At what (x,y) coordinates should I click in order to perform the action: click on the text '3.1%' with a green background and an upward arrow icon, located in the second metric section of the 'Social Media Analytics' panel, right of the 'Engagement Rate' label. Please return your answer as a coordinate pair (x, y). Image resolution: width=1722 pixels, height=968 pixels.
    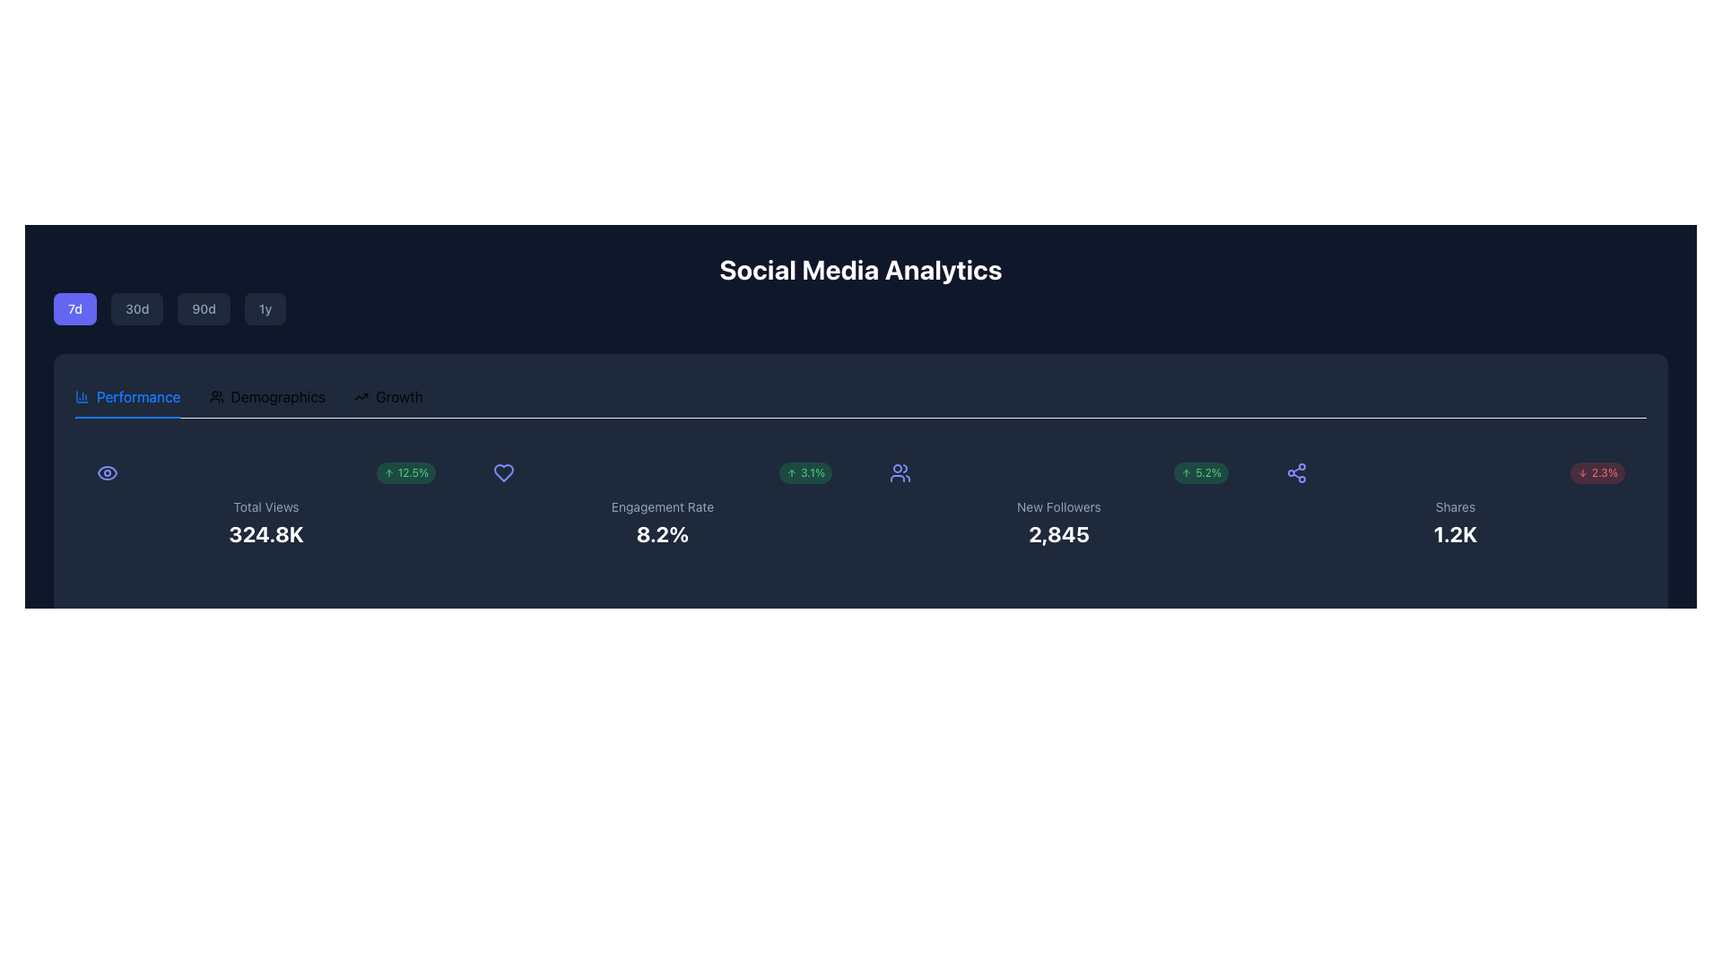
    Looking at the image, I should click on (804, 472).